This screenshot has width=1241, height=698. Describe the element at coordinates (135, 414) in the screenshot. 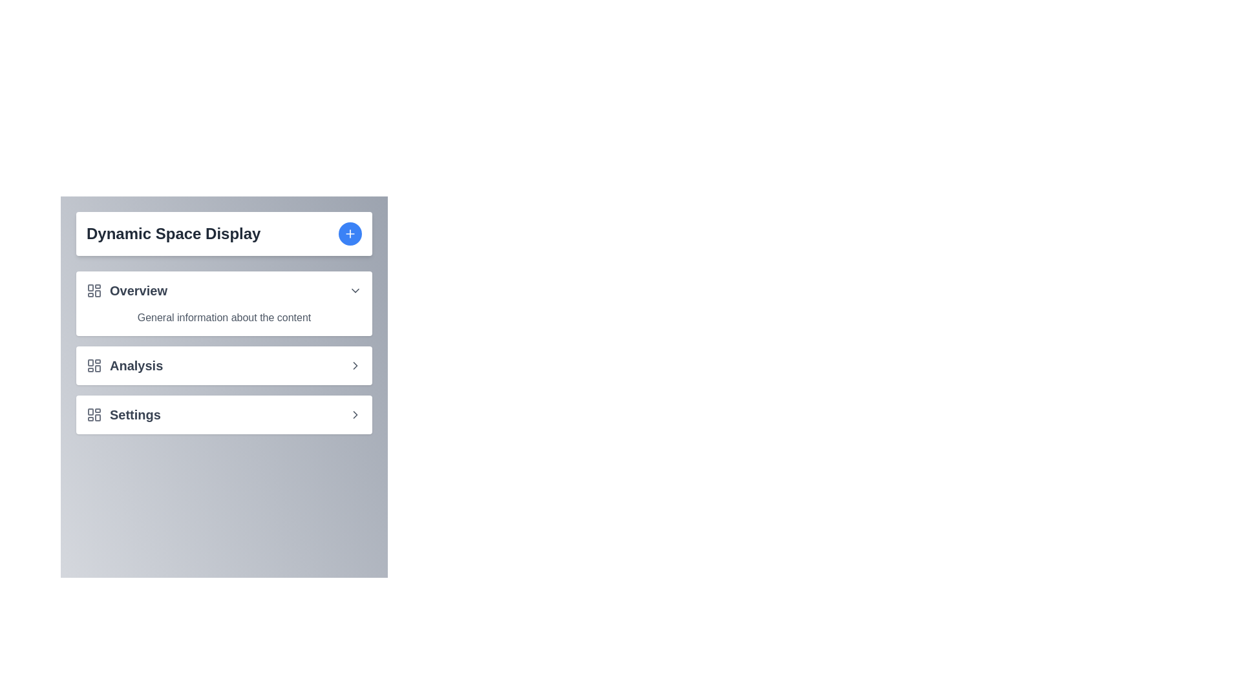

I see `text label that indicates the Settings section of the application interface, which is the third option in the menu list beneath 'Analysis'` at that location.